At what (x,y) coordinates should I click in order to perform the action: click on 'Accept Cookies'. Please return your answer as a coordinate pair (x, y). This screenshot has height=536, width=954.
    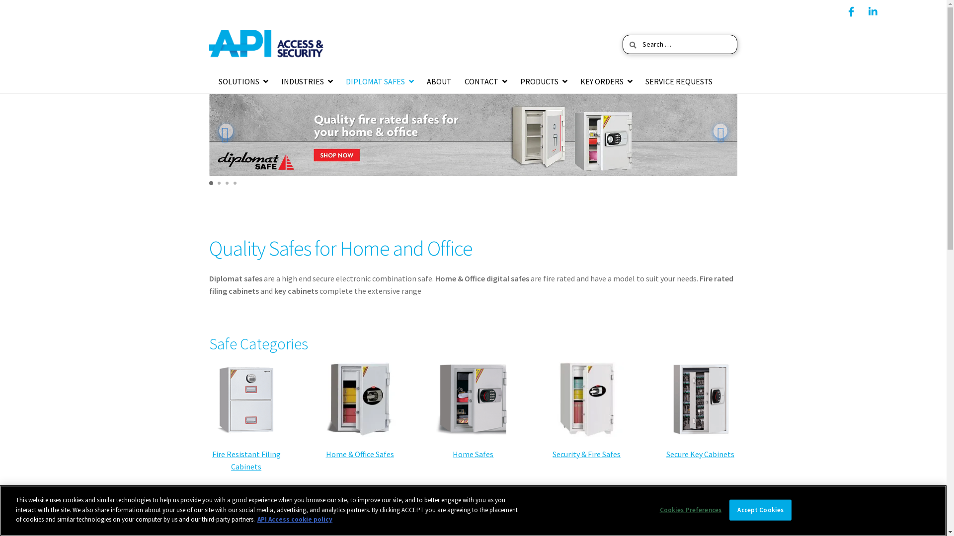
    Looking at the image, I should click on (760, 510).